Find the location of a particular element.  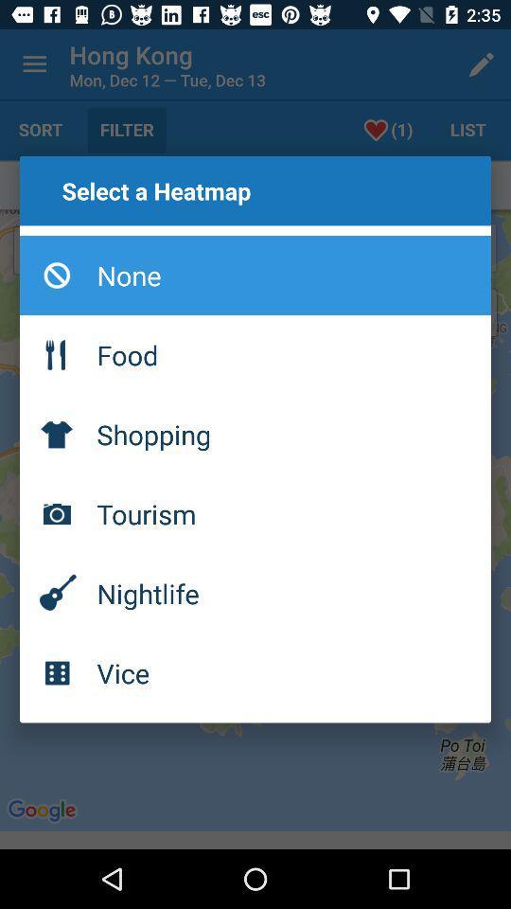

the item below the tourism icon is located at coordinates (255, 592).